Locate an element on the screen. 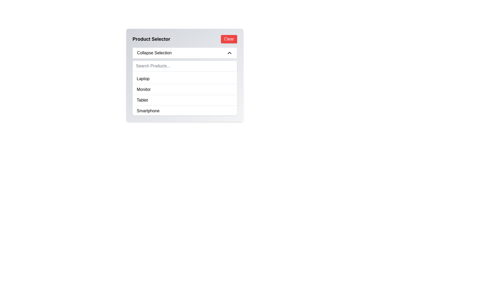  the 'Smartphone' category list item, which is the fourth option in a list of selectable items is located at coordinates (185, 110).